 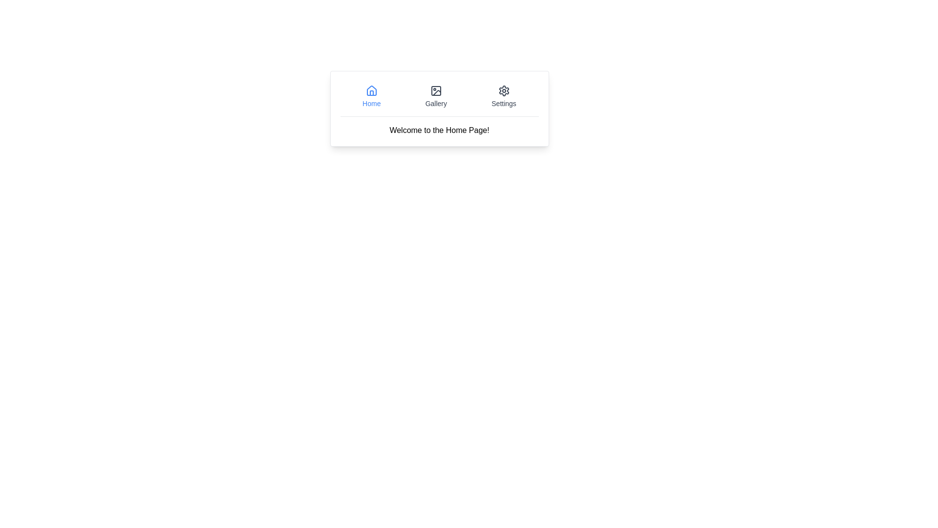 I want to click on the Gallery icon located in the central option of the horizontal menu bar to view its representation, so click(x=435, y=90).